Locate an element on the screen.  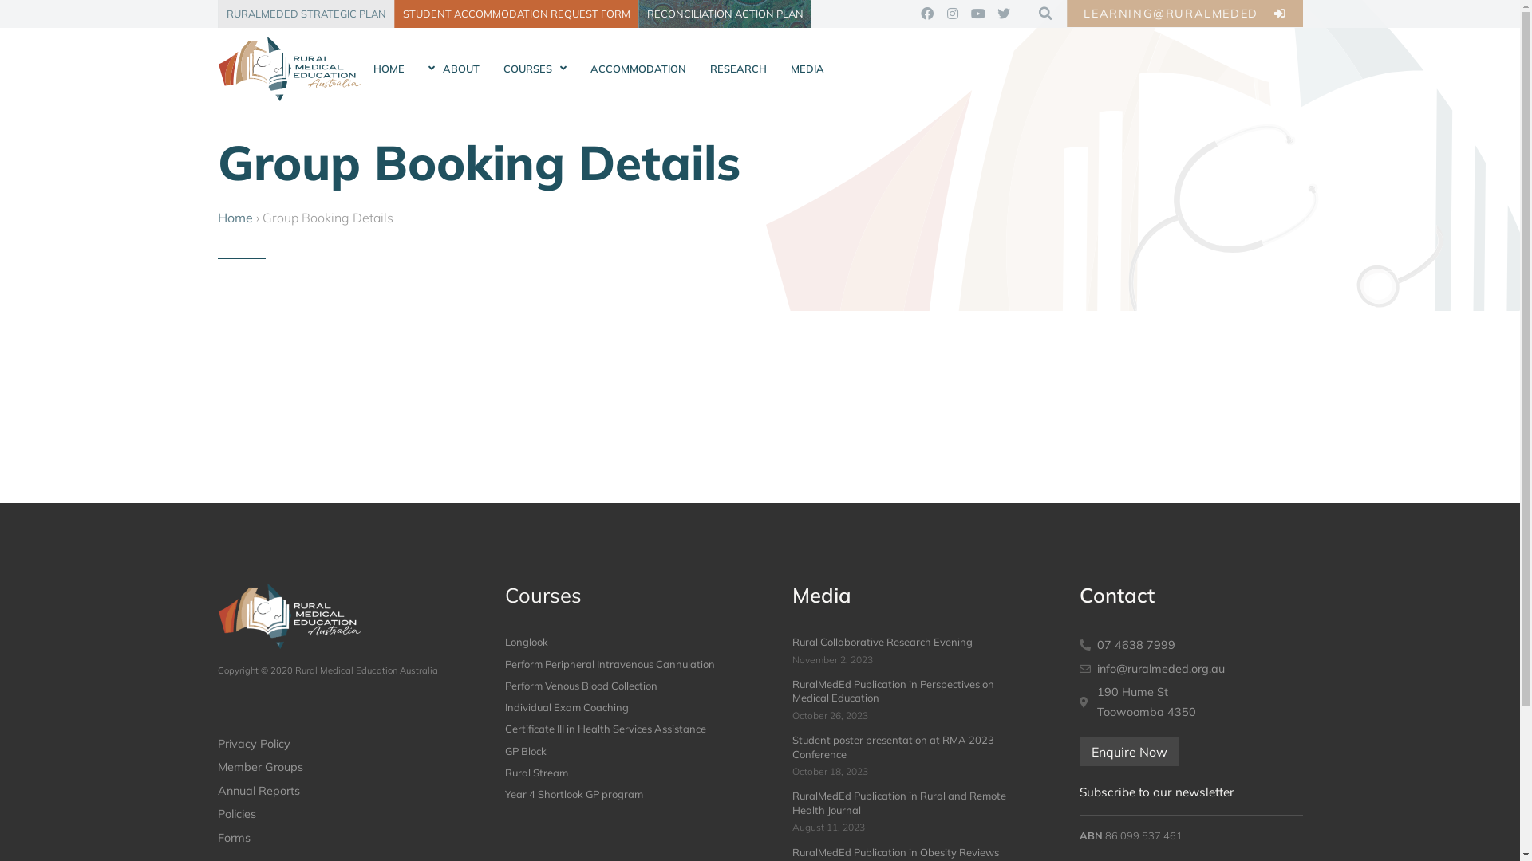
'GP Block' is located at coordinates (524, 750).